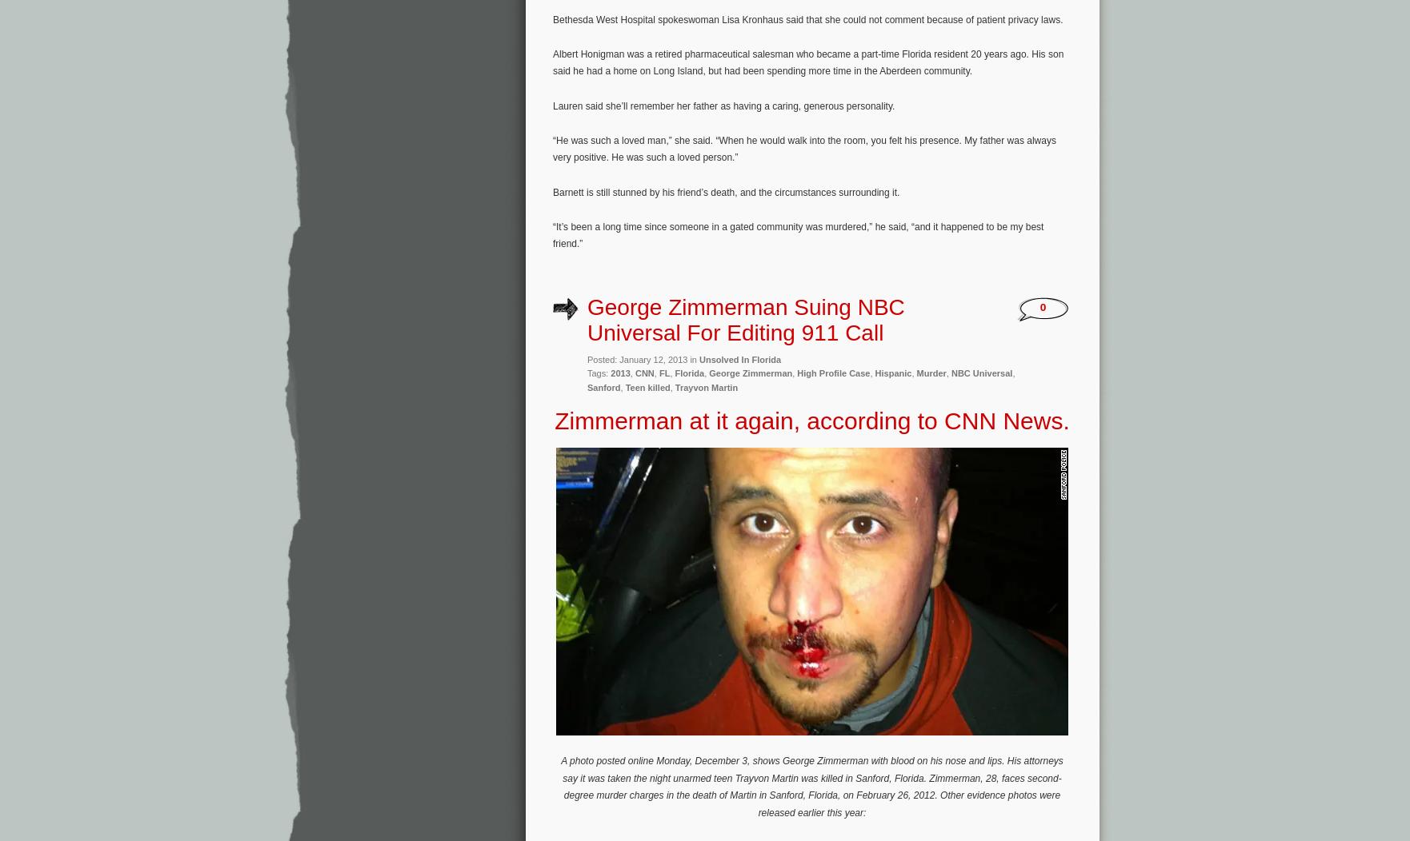 The width and height of the screenshot is (1410, 841). I want to click on 'Albert Honigman was a retired pharmaceutical salesman who became a part-time Florida resident 20 years ago. His son said he had a home on Long Island, but had been spending more time in the Aberdeen community.', so click(807, 61).